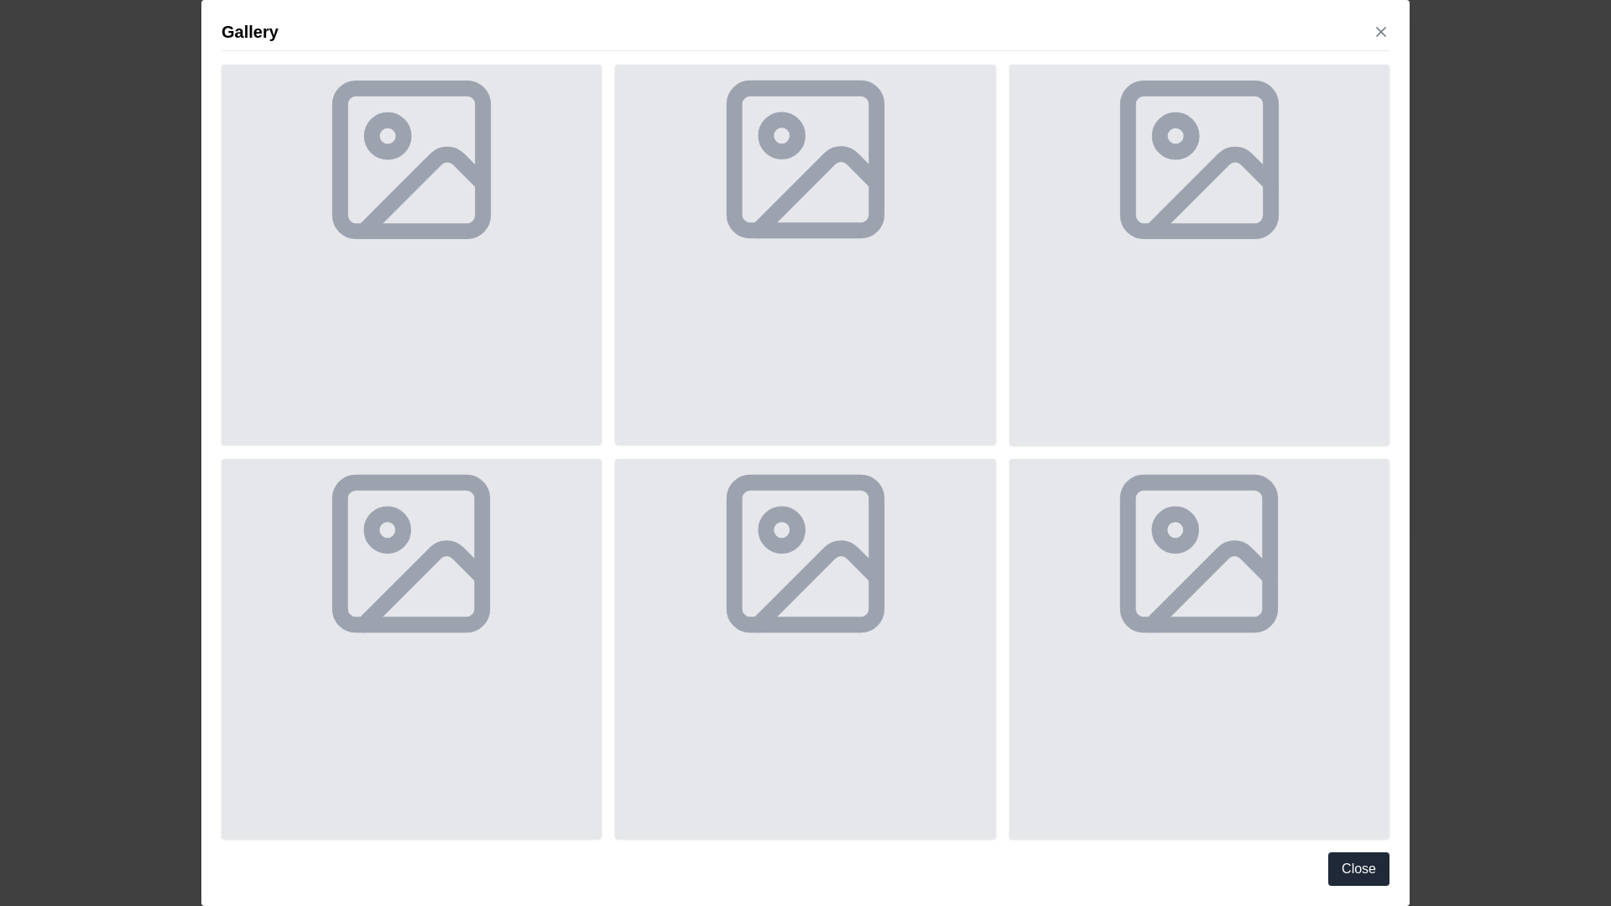 The image size is (1611, 906). What do you see at coordinates (1175, 135) in the screenshot?
I see `the light gray circle located in the second column of the first row of the gallery grid, which is part of an image icon` at bounding box center [1175, 135].